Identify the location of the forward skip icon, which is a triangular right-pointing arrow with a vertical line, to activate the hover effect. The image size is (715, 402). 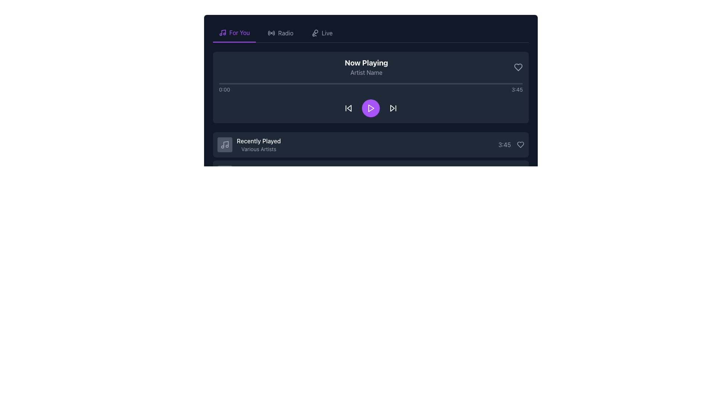
(393, 108).